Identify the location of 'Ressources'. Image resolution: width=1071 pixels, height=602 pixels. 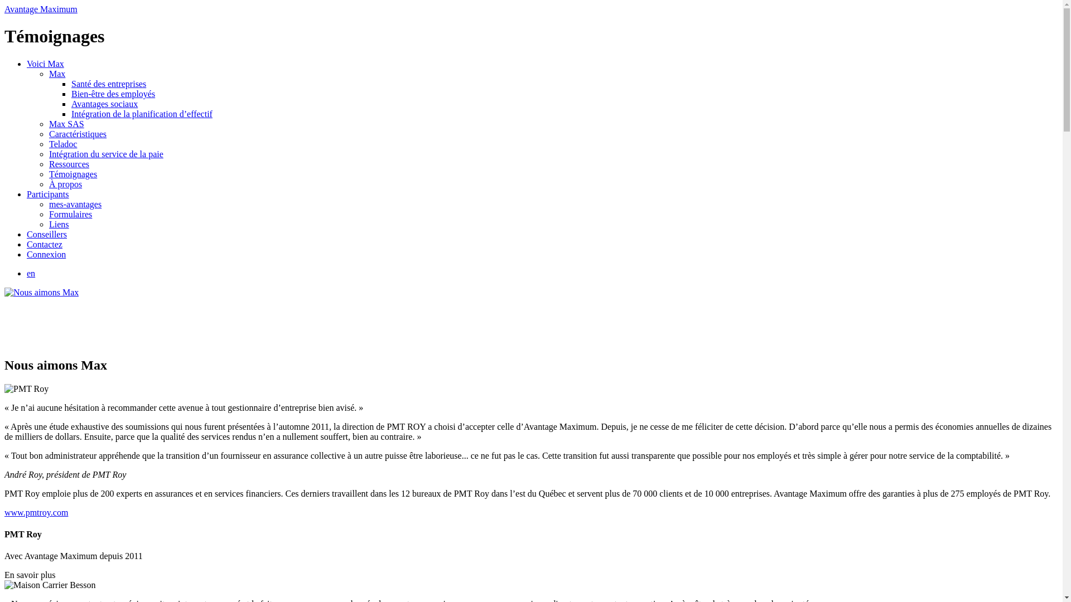
(69, 164).